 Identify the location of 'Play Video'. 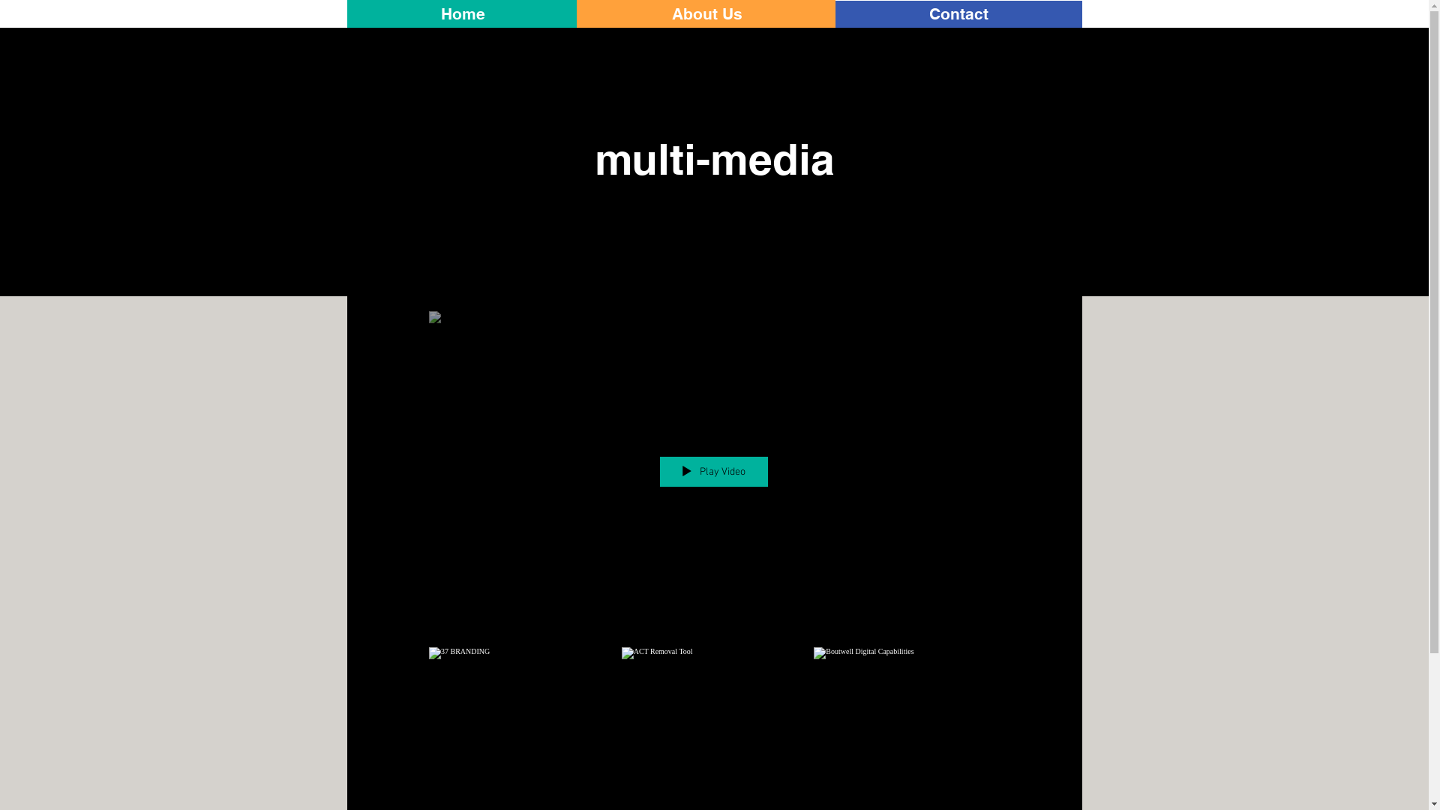
(658, 470).